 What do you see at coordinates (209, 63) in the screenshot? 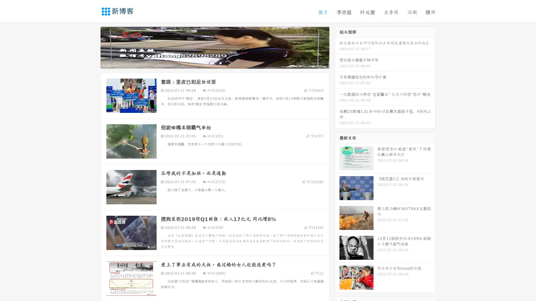
I see `Go to slide 1` at bounding box center [209, 63].